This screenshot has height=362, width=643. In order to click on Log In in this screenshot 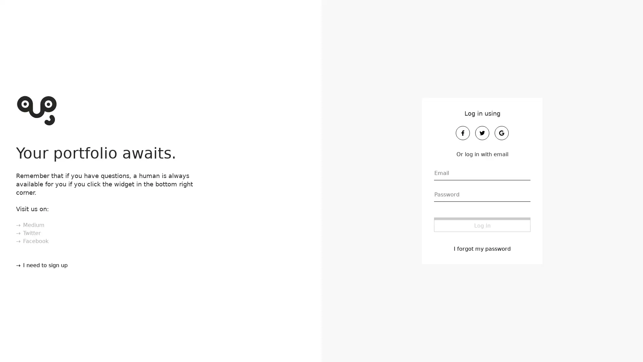, I will do `click(482, 224)`.